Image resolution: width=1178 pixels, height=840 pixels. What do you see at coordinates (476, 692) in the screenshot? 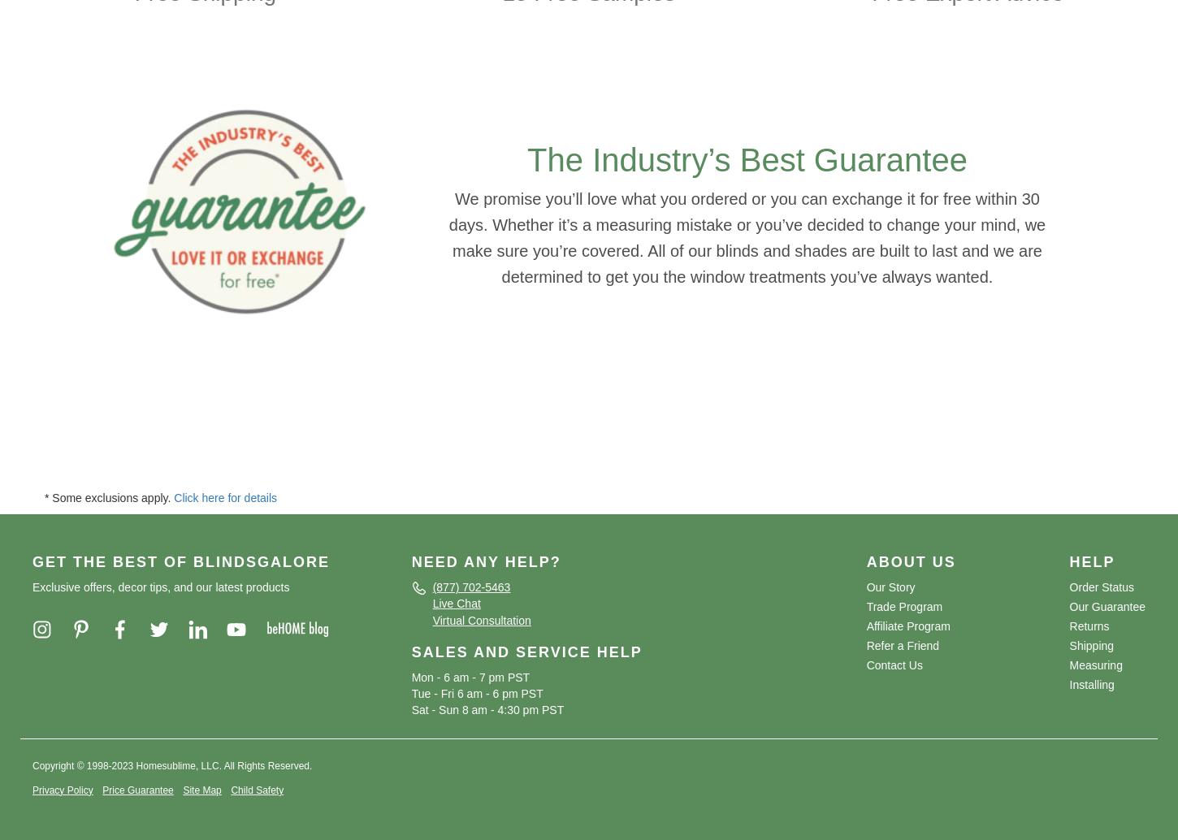
I see `'Tue - Fri 6 am - 6 pm PST'` at bounding box center [476, 692].